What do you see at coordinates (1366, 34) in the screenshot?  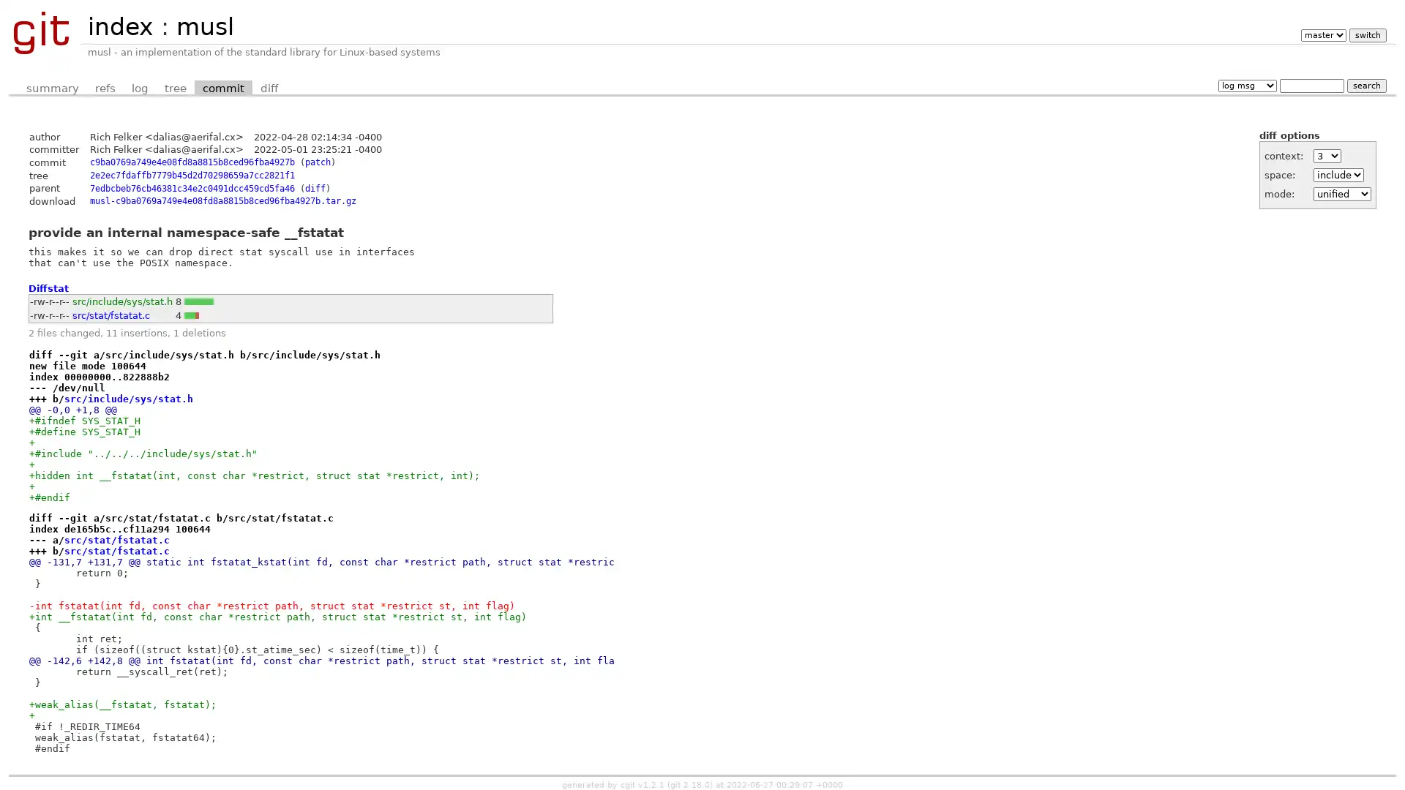 I see `switch` at bounding box center [1366, 34].